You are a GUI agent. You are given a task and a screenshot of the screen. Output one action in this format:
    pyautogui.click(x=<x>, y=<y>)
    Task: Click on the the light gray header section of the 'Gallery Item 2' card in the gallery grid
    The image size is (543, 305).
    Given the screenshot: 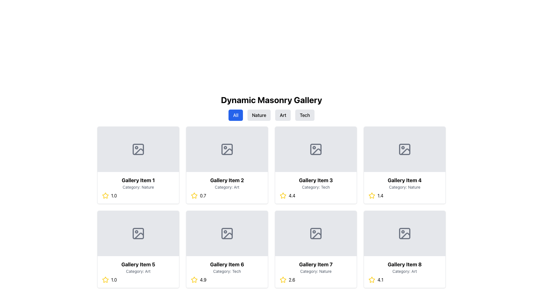 What is the action you would take?
    pyautogui.click(x=227, y=149)
    